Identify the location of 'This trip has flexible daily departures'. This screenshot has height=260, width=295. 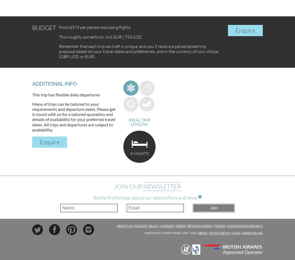
(66, 94).